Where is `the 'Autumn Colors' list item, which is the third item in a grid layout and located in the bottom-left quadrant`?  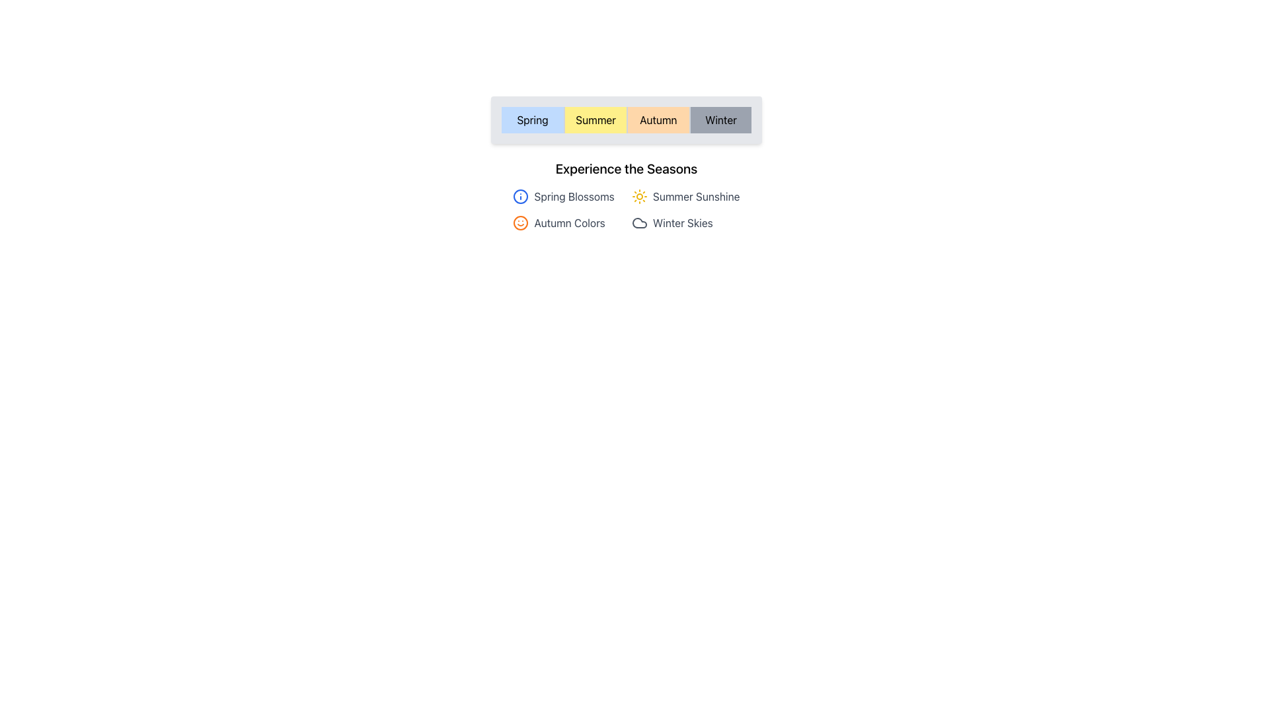
the 'Autumn Colors' list item, which is the third item in a grid layout and located in the bottom-left quadrant is located at coordinates (567, 222).